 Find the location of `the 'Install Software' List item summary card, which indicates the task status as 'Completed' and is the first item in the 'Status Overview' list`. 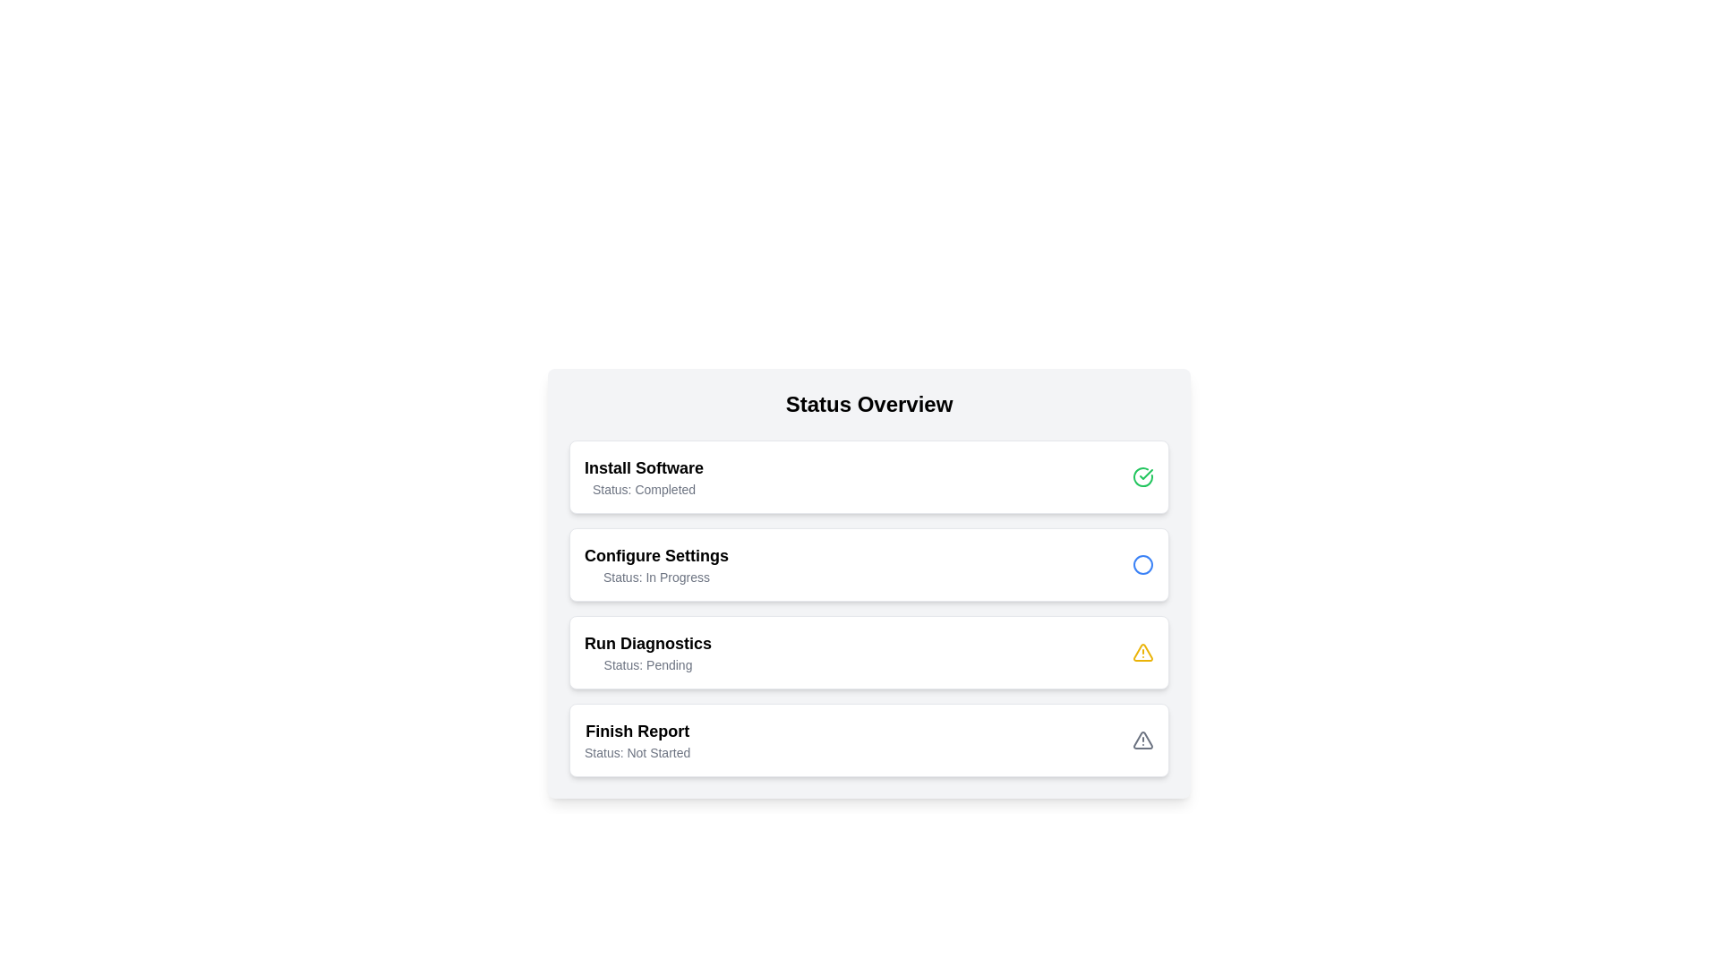

the 'Install Software' List item summary card, which indicates the task status as 'Completed' and is the first item in the 'Status Overview' list is located at coordinates (868, 475).